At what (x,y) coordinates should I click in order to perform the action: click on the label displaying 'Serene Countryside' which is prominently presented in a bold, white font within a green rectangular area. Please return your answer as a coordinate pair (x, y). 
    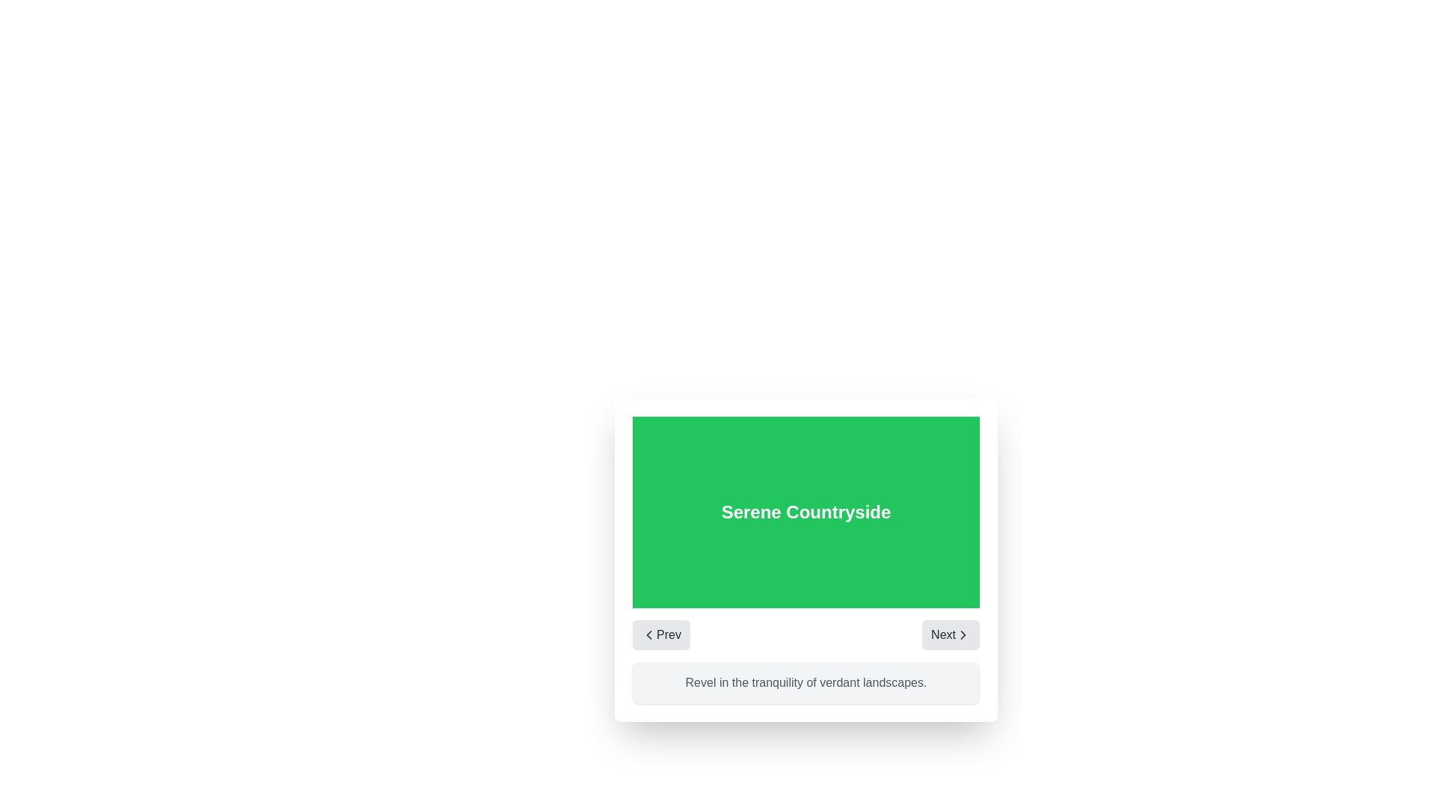
    Looking at the image, I should click on (806, 512).